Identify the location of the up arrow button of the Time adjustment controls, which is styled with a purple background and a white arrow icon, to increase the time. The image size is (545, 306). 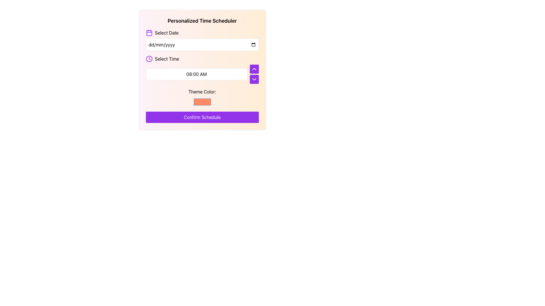
(254, 74).